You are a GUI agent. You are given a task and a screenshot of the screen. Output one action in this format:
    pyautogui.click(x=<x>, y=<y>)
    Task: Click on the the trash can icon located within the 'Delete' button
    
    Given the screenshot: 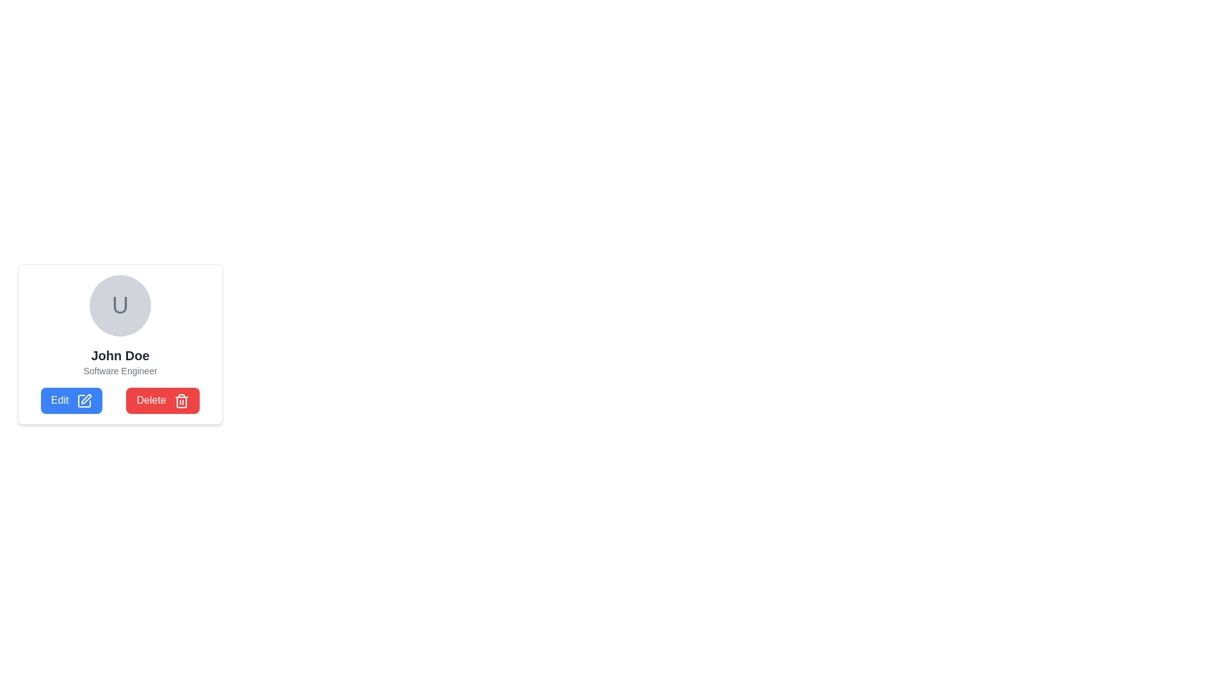 What is the action you would take?
    pyautogui.click(x=181, y=400)
    